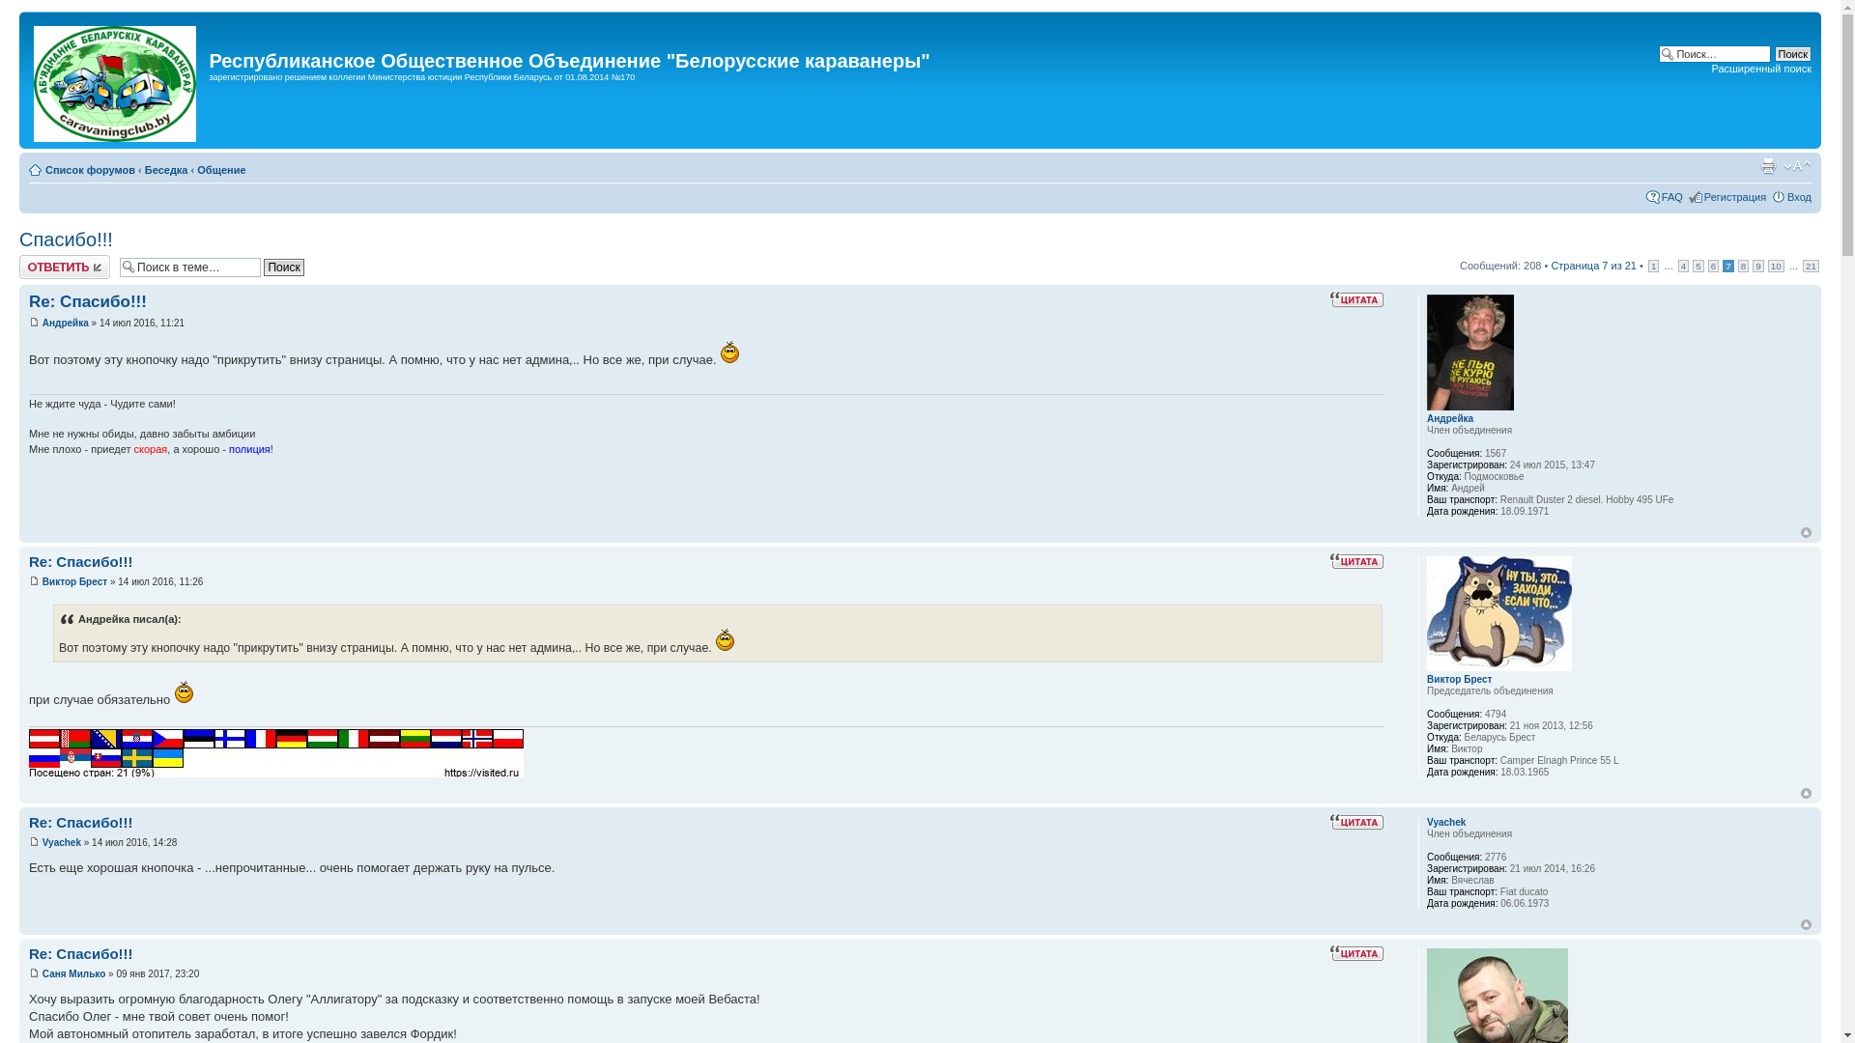 The height and width of the screenshot is (1043, 1855). Describe the element at coordinates (1753, 266) in the screenshot. I see `'9'` at that location.